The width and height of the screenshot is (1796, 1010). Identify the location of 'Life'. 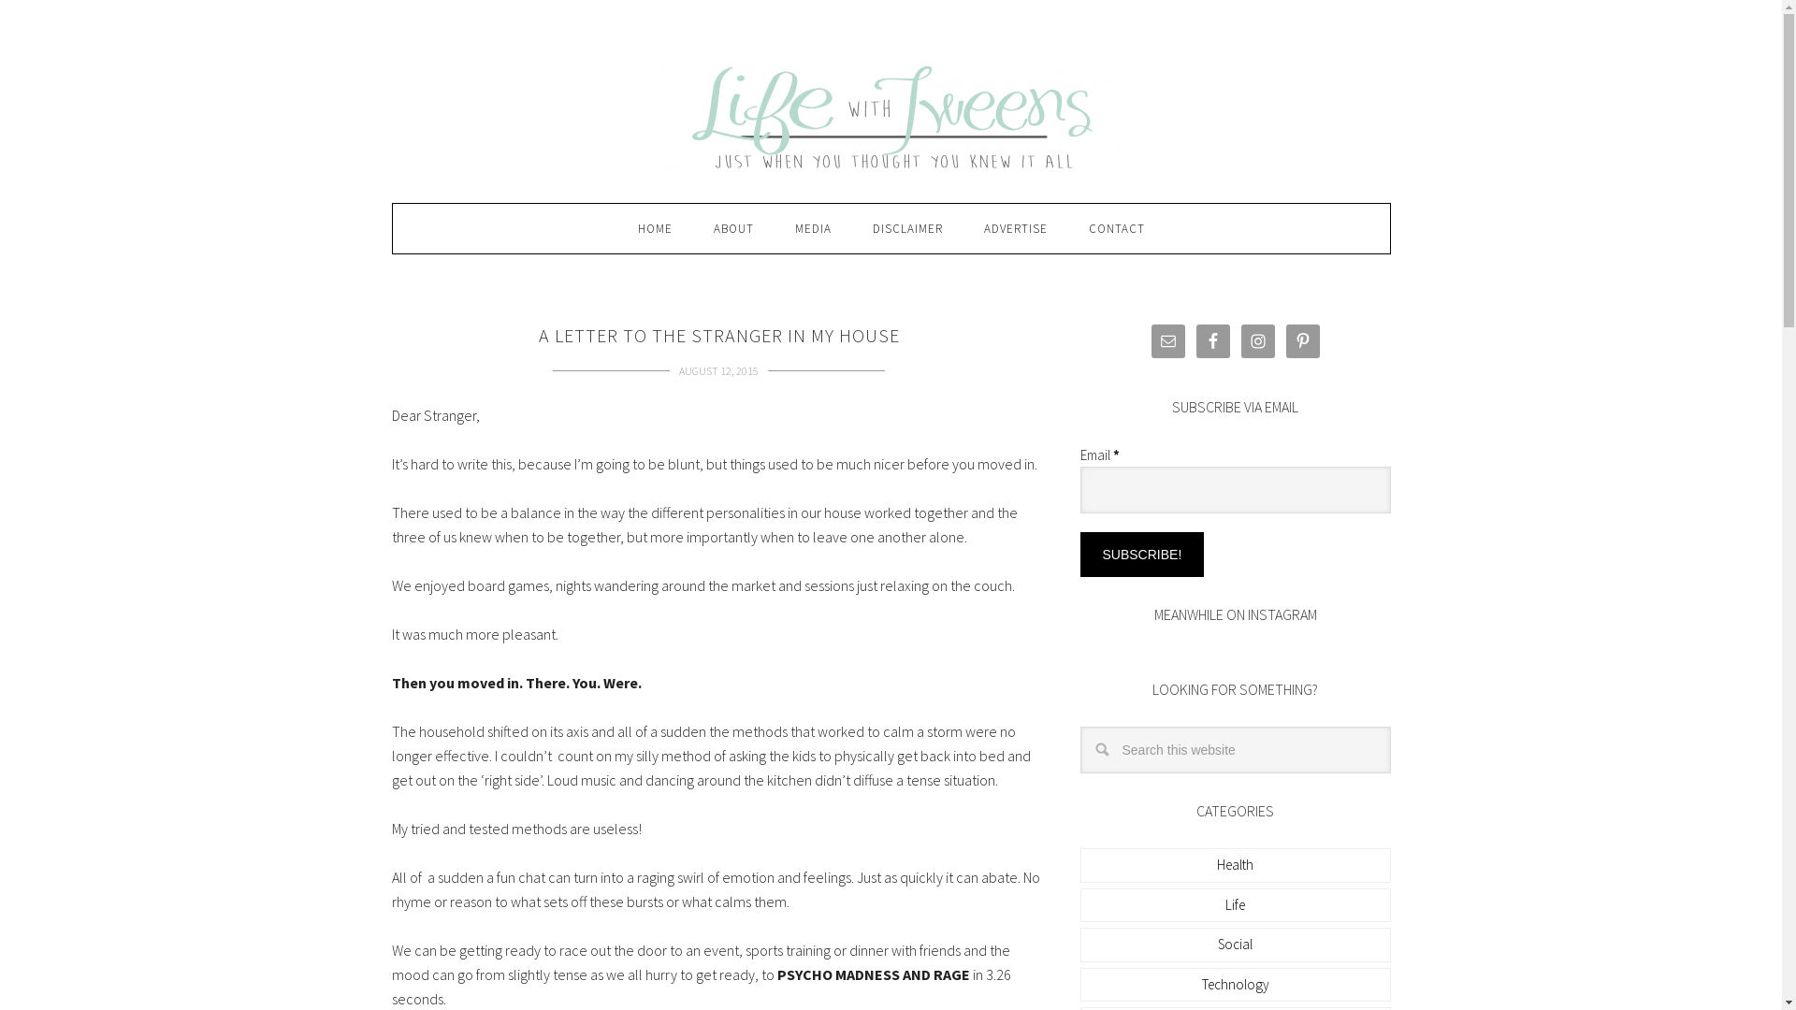
(1235, 903).